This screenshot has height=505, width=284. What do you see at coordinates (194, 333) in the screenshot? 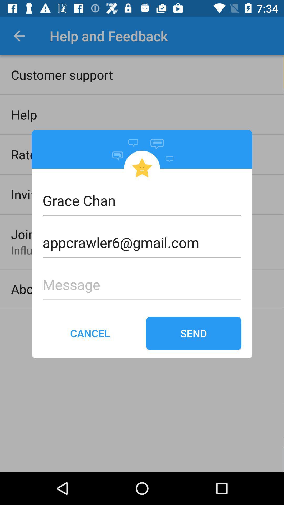
I see `the icon to the right of the cancel icon` at bounding box center [194, 333].